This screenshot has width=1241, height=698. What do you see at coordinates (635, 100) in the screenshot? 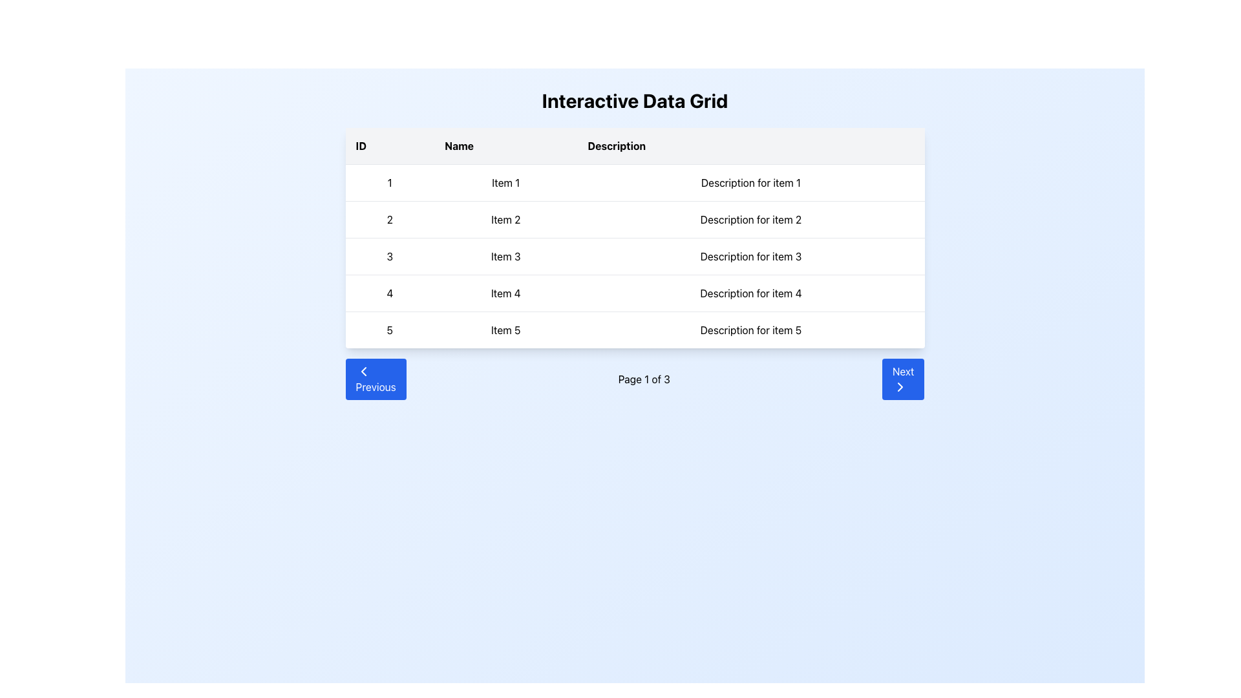
I see `the Header text that serves as a title for the page, located at the top of the layout, directly above a data table` at bounding box center [635, 100].